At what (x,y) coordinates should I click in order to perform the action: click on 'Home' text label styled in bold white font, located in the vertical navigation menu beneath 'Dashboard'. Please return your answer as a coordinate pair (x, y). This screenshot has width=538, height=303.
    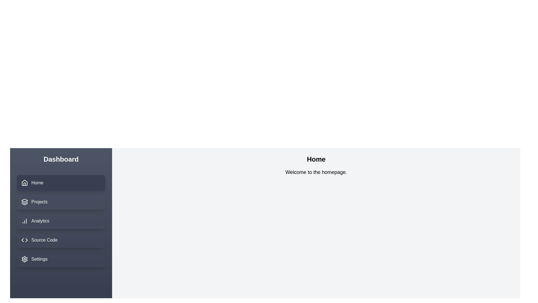
    Looking at the image, I should click on (37, 183).